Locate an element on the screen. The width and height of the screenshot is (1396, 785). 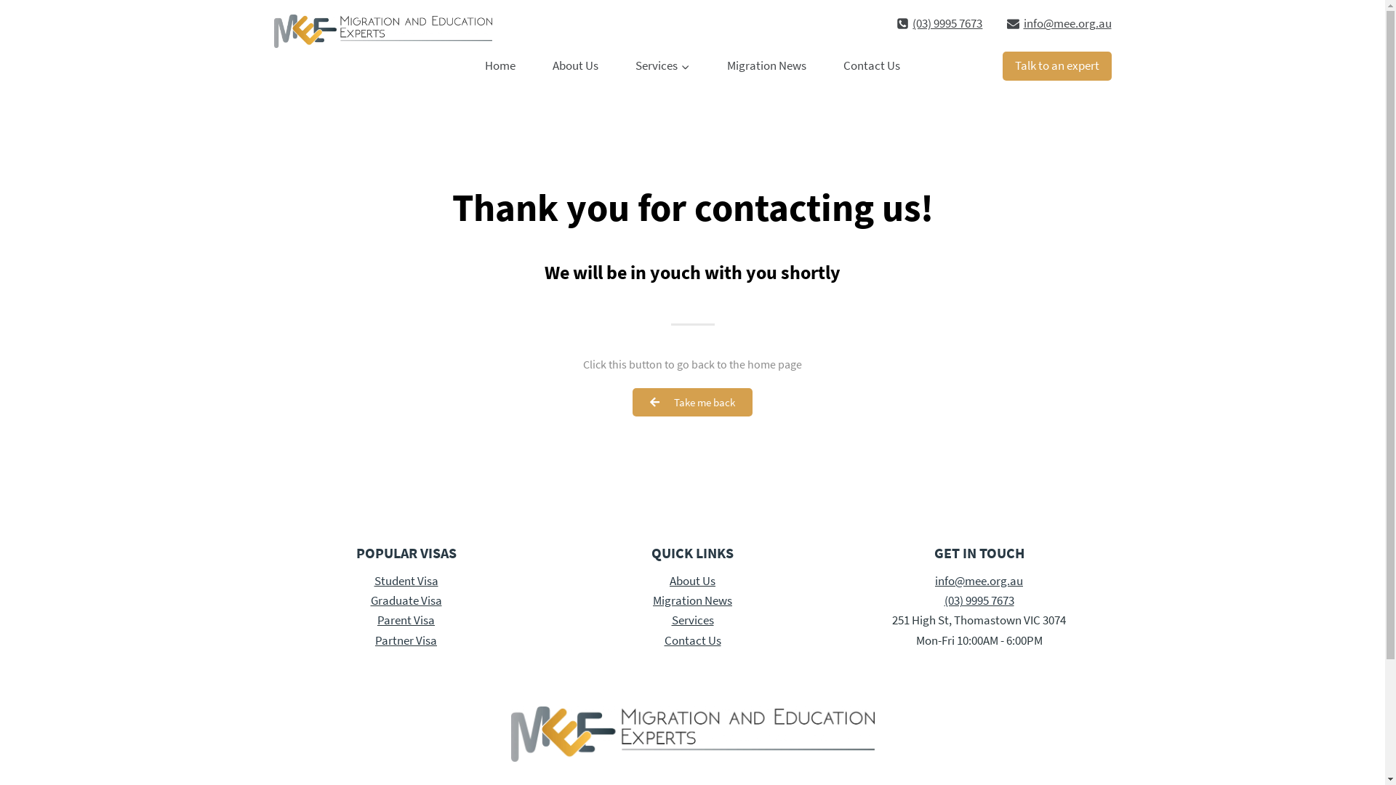
'Student Visa' is located at coordinates (373, 579).